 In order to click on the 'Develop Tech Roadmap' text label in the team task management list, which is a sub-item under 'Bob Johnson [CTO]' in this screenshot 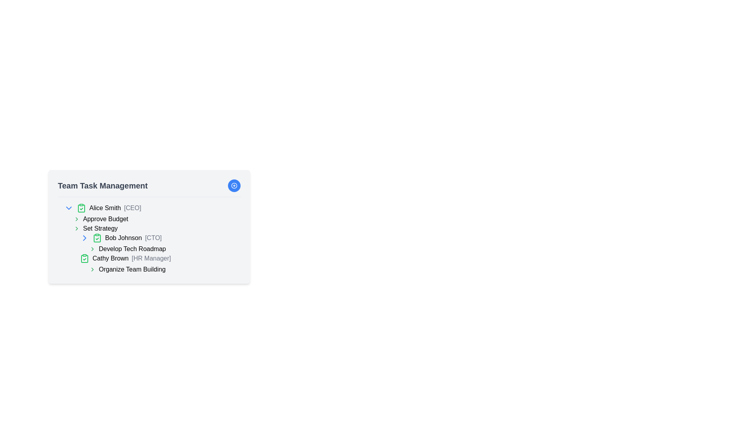, I will do `click(132, 249)`.